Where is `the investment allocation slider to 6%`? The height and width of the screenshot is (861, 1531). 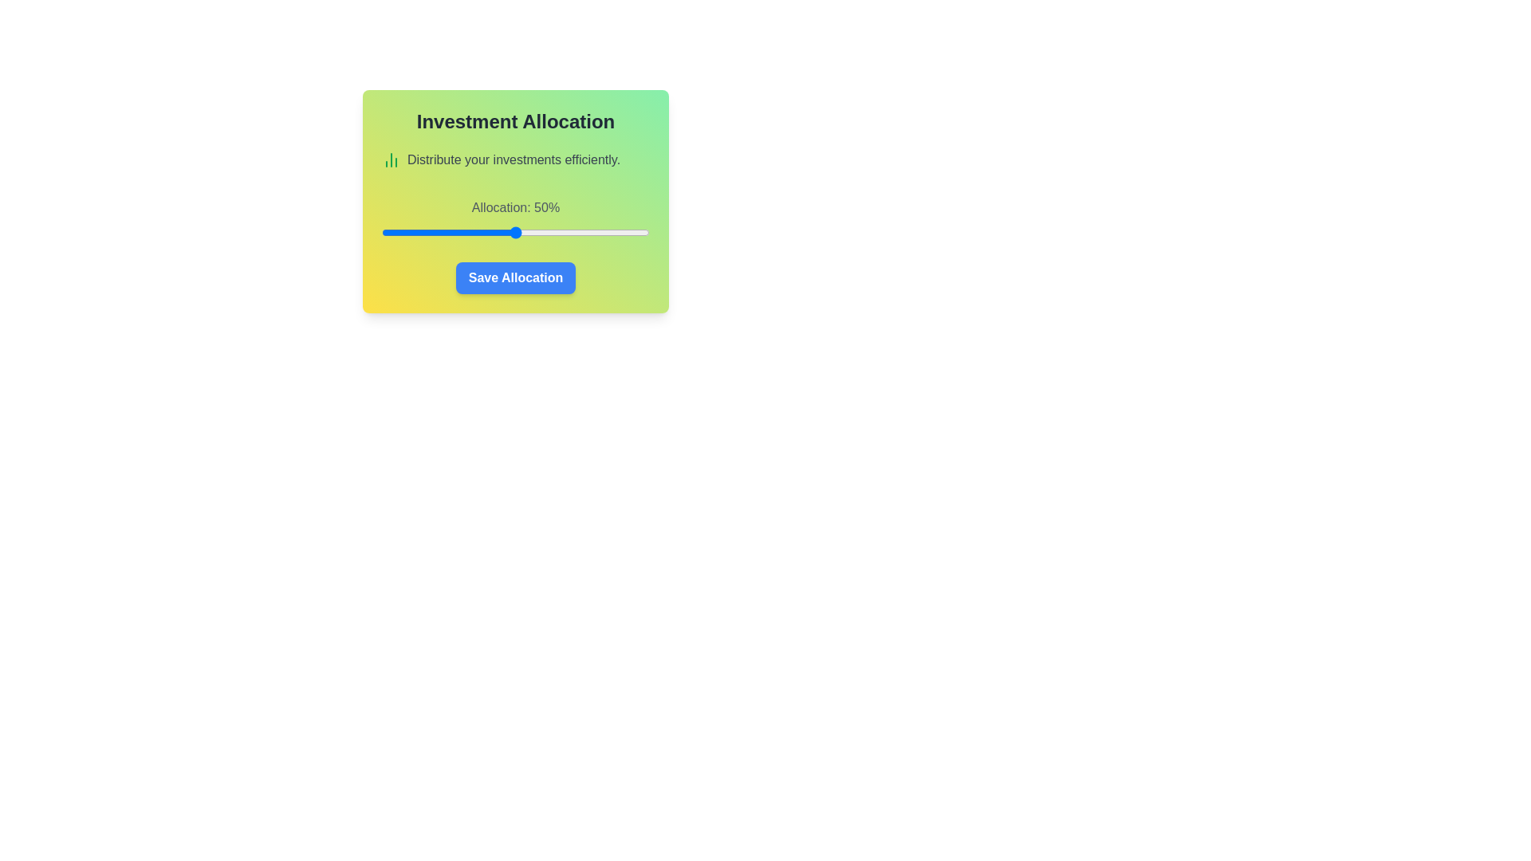
the investment allocation slider to 6% is located at coordinates (398, 233).